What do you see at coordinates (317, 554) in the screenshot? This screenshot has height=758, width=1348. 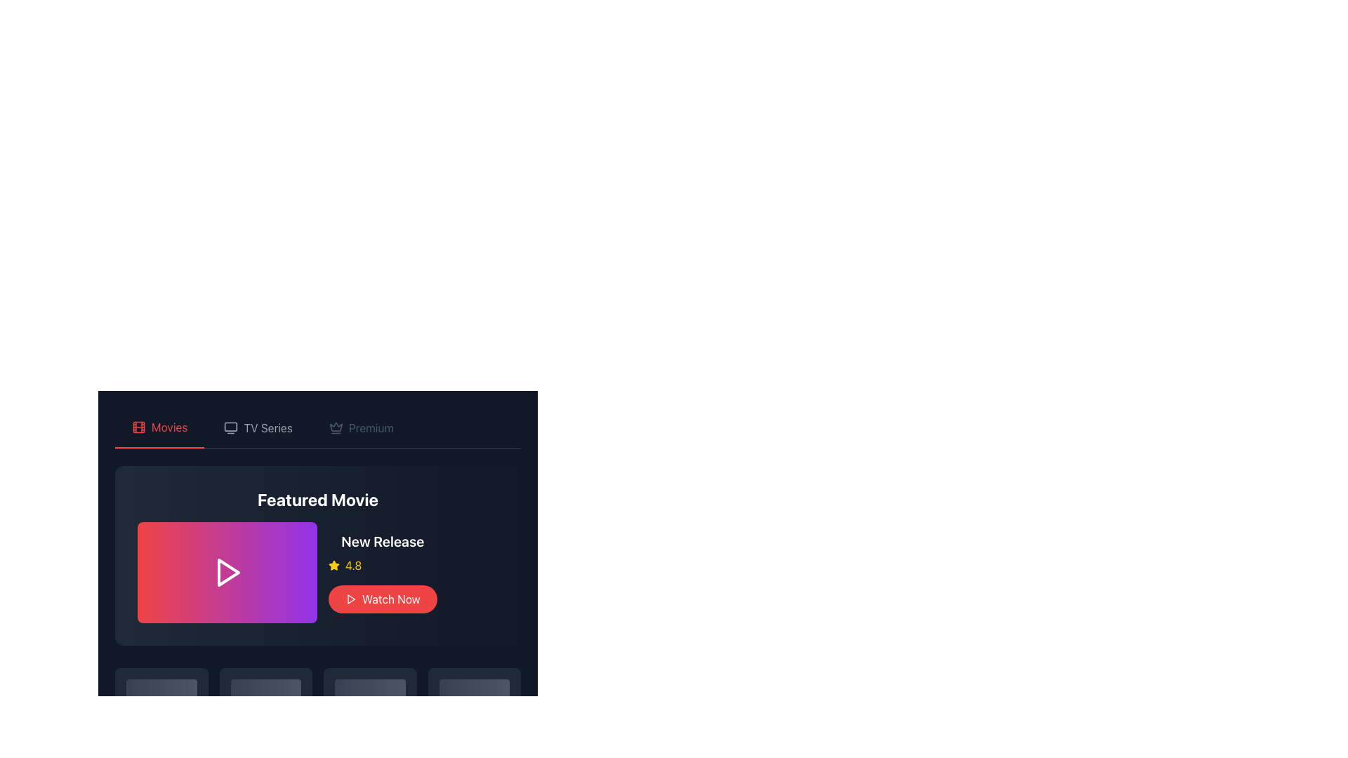 I see `the colorful play button icon located to the left of the 'Featured Movie' text in the Information Panel, which has a gradient background and rounded corners` at bounding box center [317, 554].